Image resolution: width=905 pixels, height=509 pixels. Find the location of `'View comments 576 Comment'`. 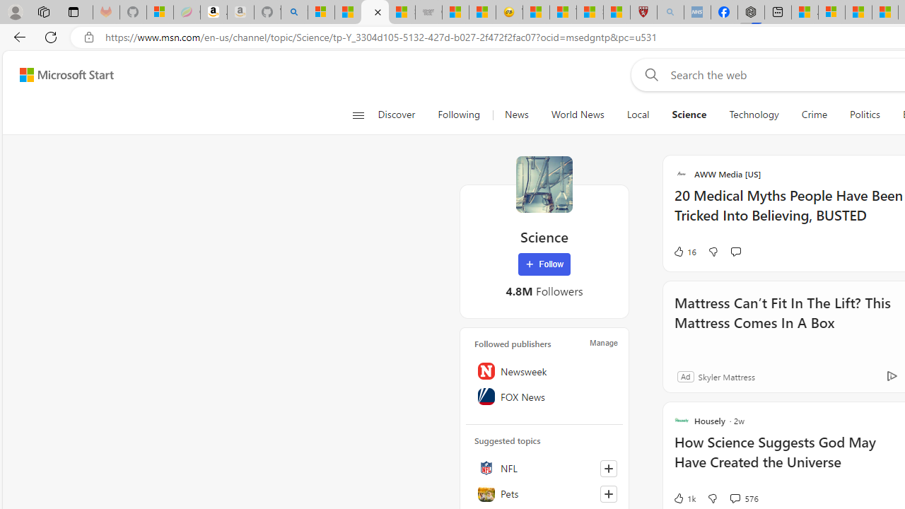

'View comments 576 Comment' is located at coordinates (735, 497).